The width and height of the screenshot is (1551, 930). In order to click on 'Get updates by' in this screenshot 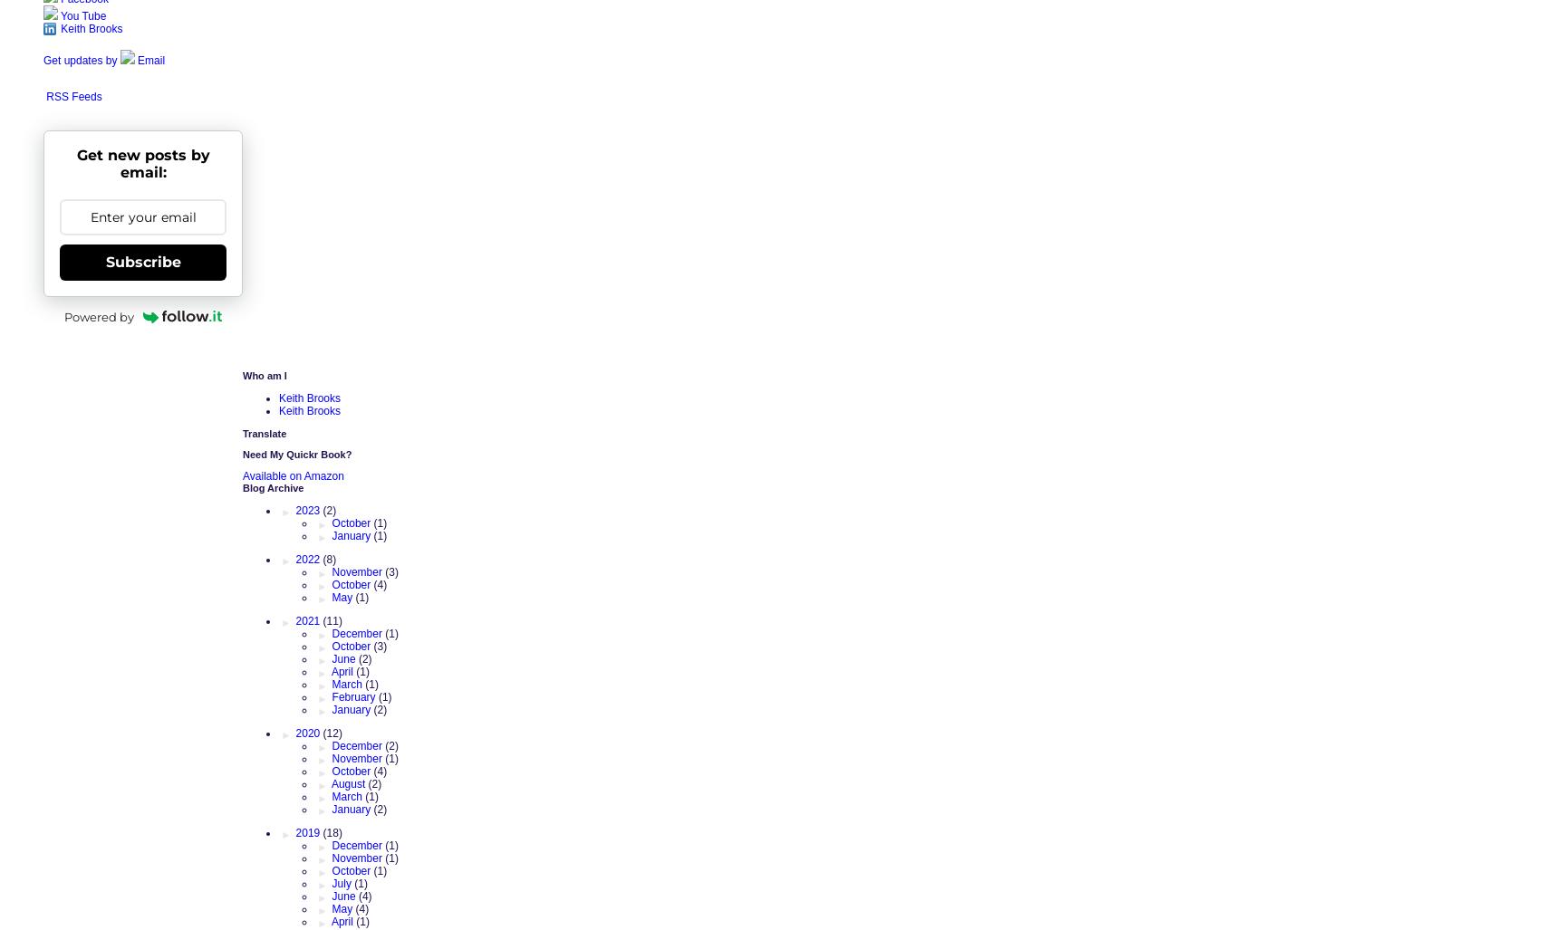, I will do `click(81, 59)`.